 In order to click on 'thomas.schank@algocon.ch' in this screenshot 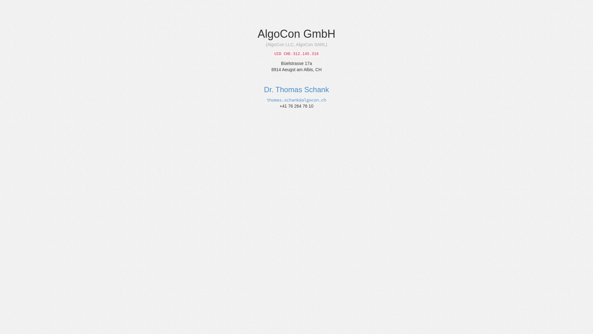, I will do `click(296, 100)`.